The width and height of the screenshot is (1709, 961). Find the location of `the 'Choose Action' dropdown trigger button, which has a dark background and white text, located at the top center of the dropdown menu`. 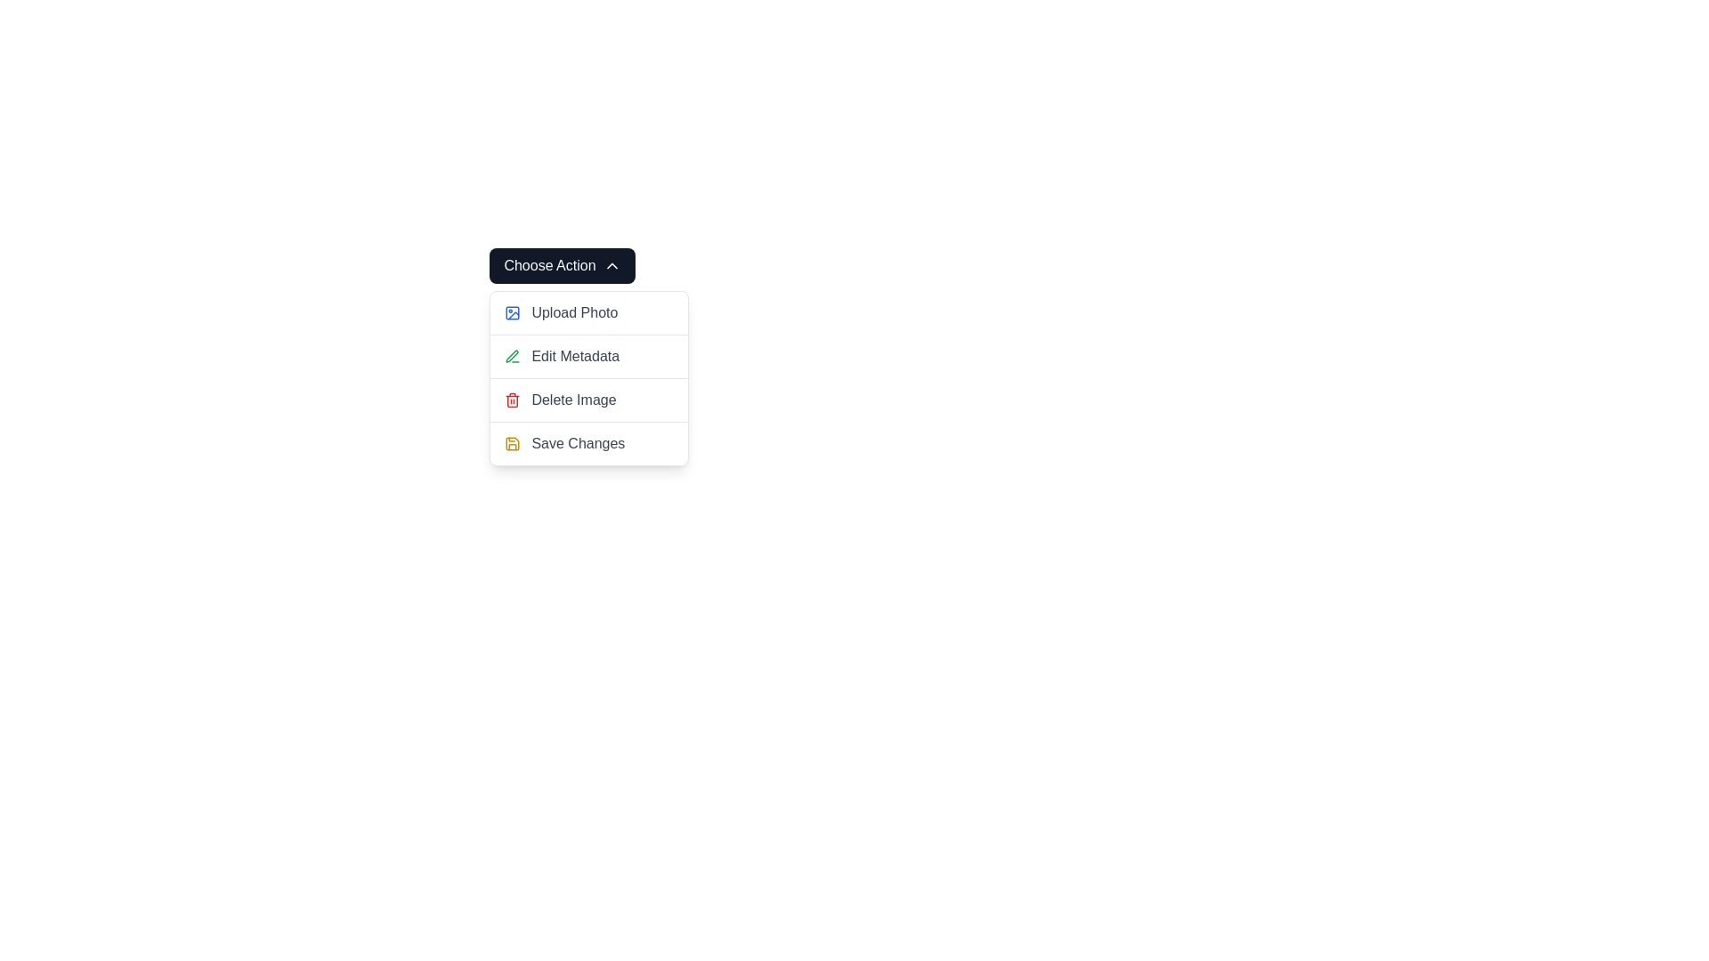

the 'Choose Action' dropdown trigger button, which has a dark background and white text, located at the top center of the dropdown menu is located at coordinates (562, 266).